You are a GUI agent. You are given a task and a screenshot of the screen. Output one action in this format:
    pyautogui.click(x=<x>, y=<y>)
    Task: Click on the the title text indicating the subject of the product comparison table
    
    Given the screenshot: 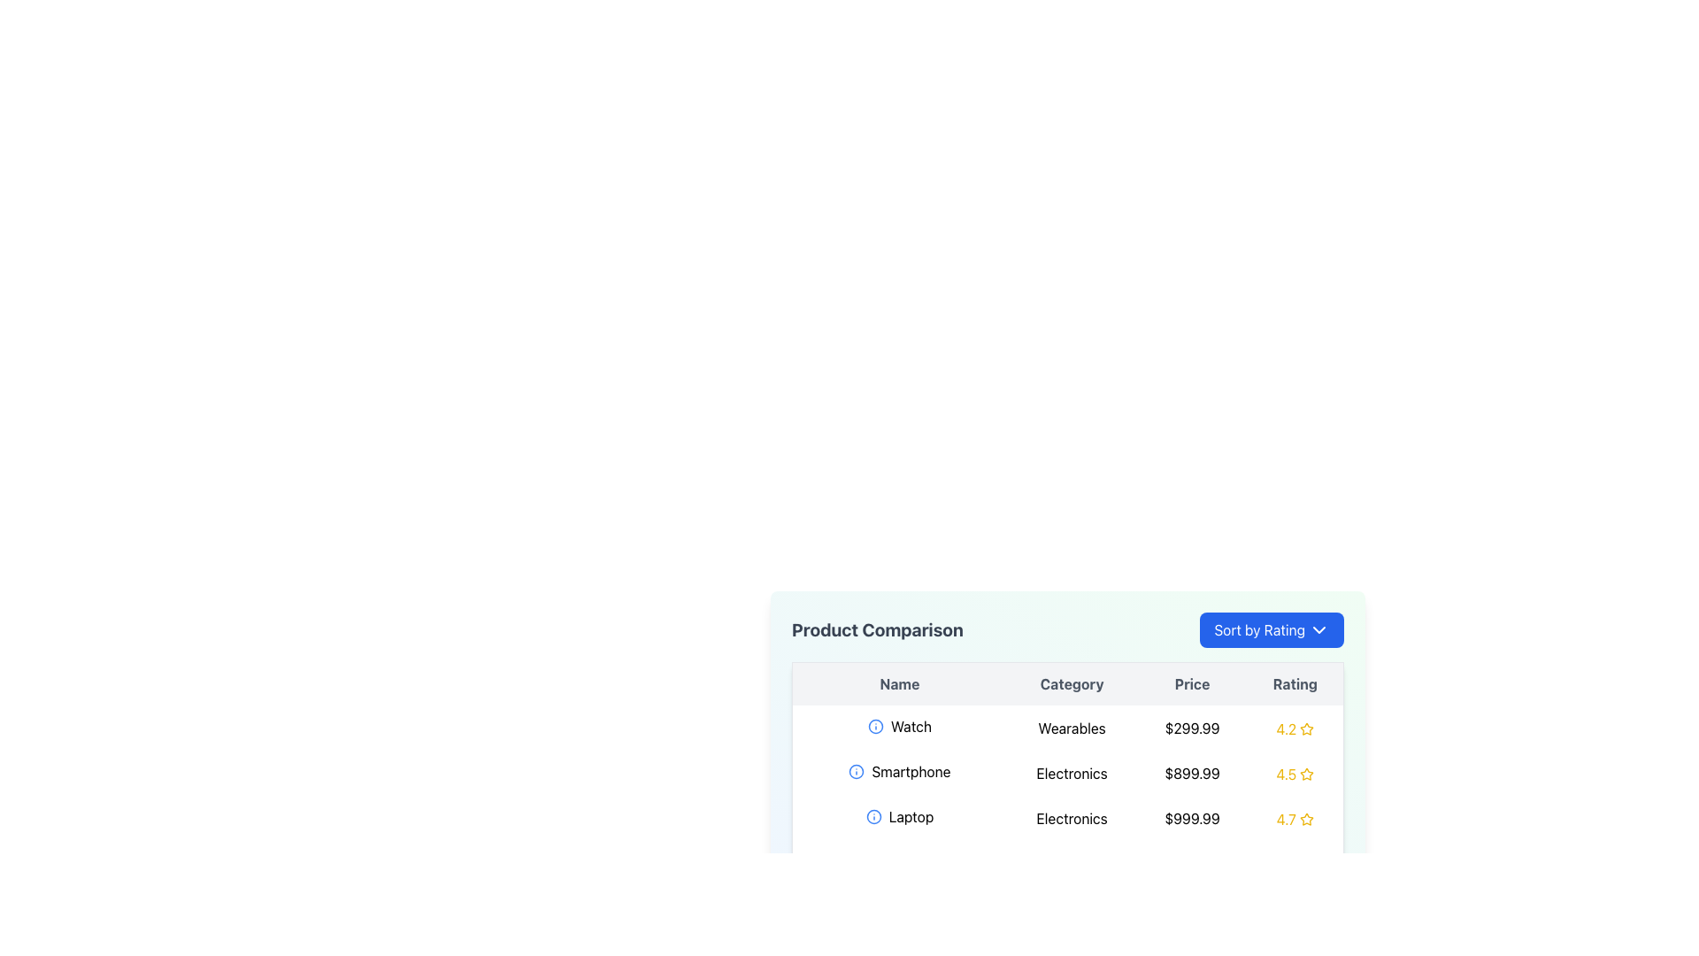 What is the action you would take?
    pyautogui.click(x=877, y=629)
    